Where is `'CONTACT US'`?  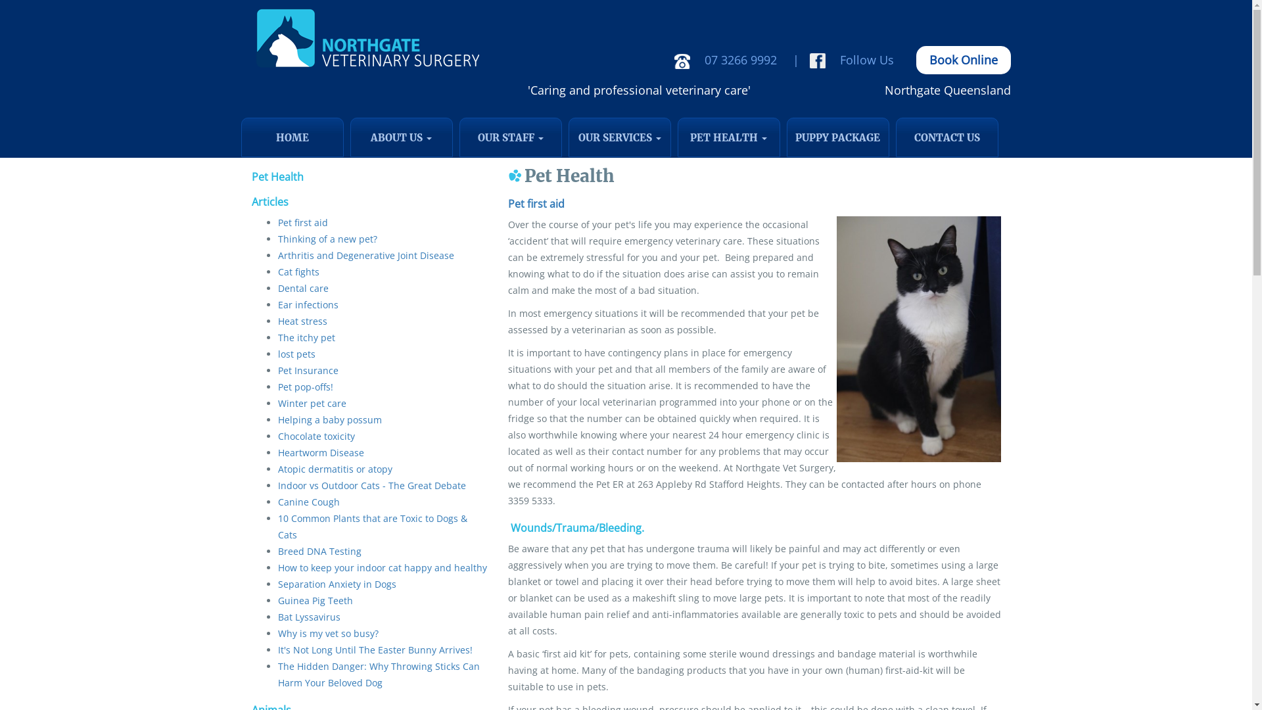
'CONTACT US' is located at coordinates (947, 137).